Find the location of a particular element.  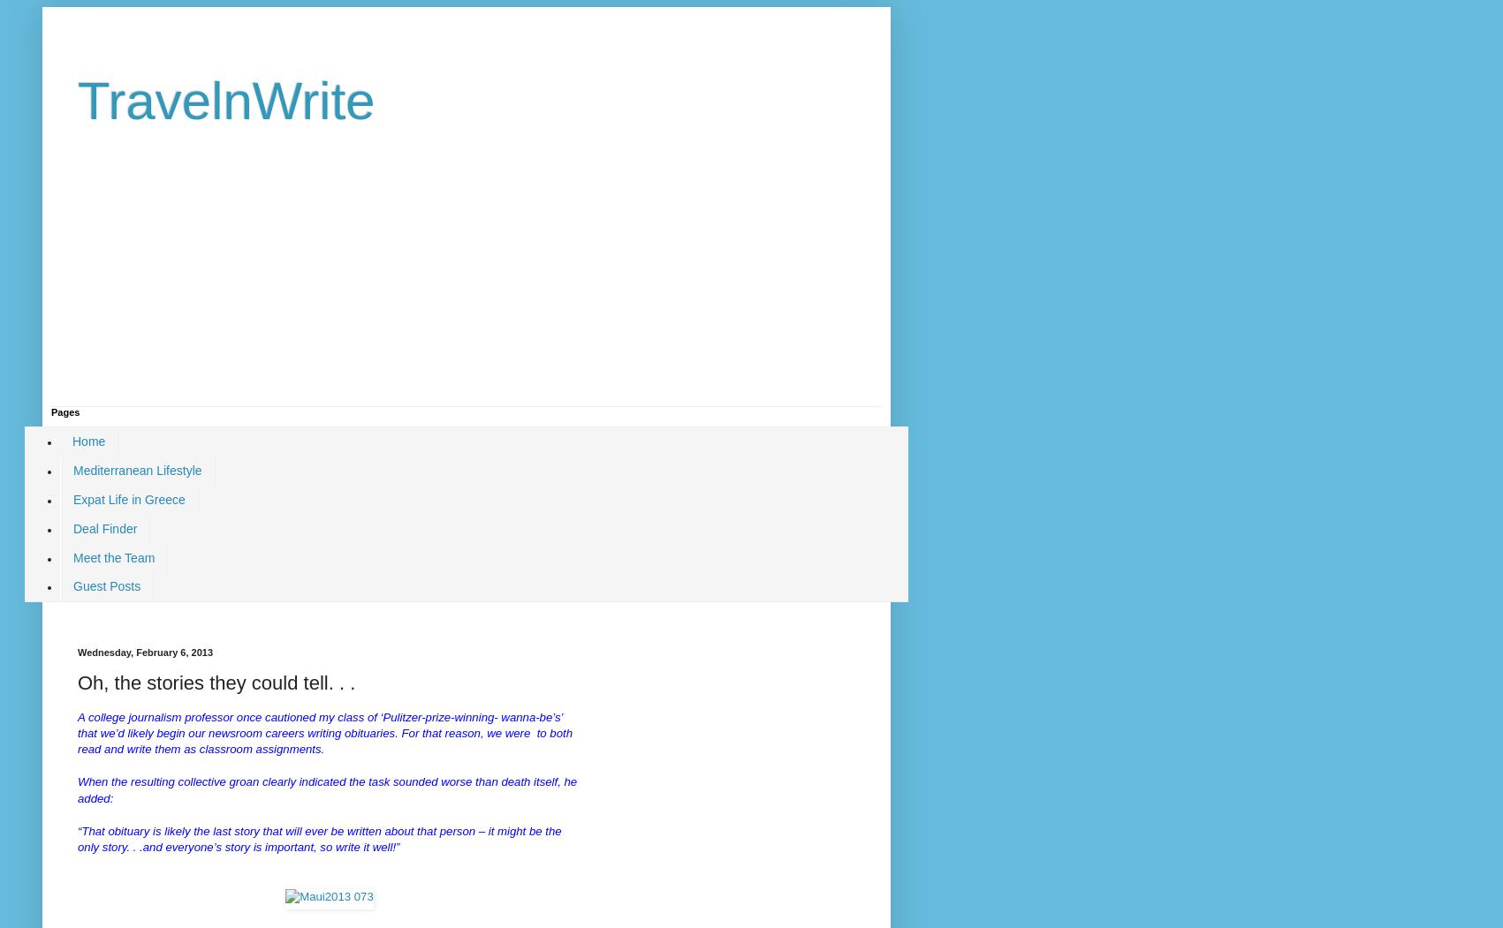

'Meet the Team' is located at coordinates (112, 556).